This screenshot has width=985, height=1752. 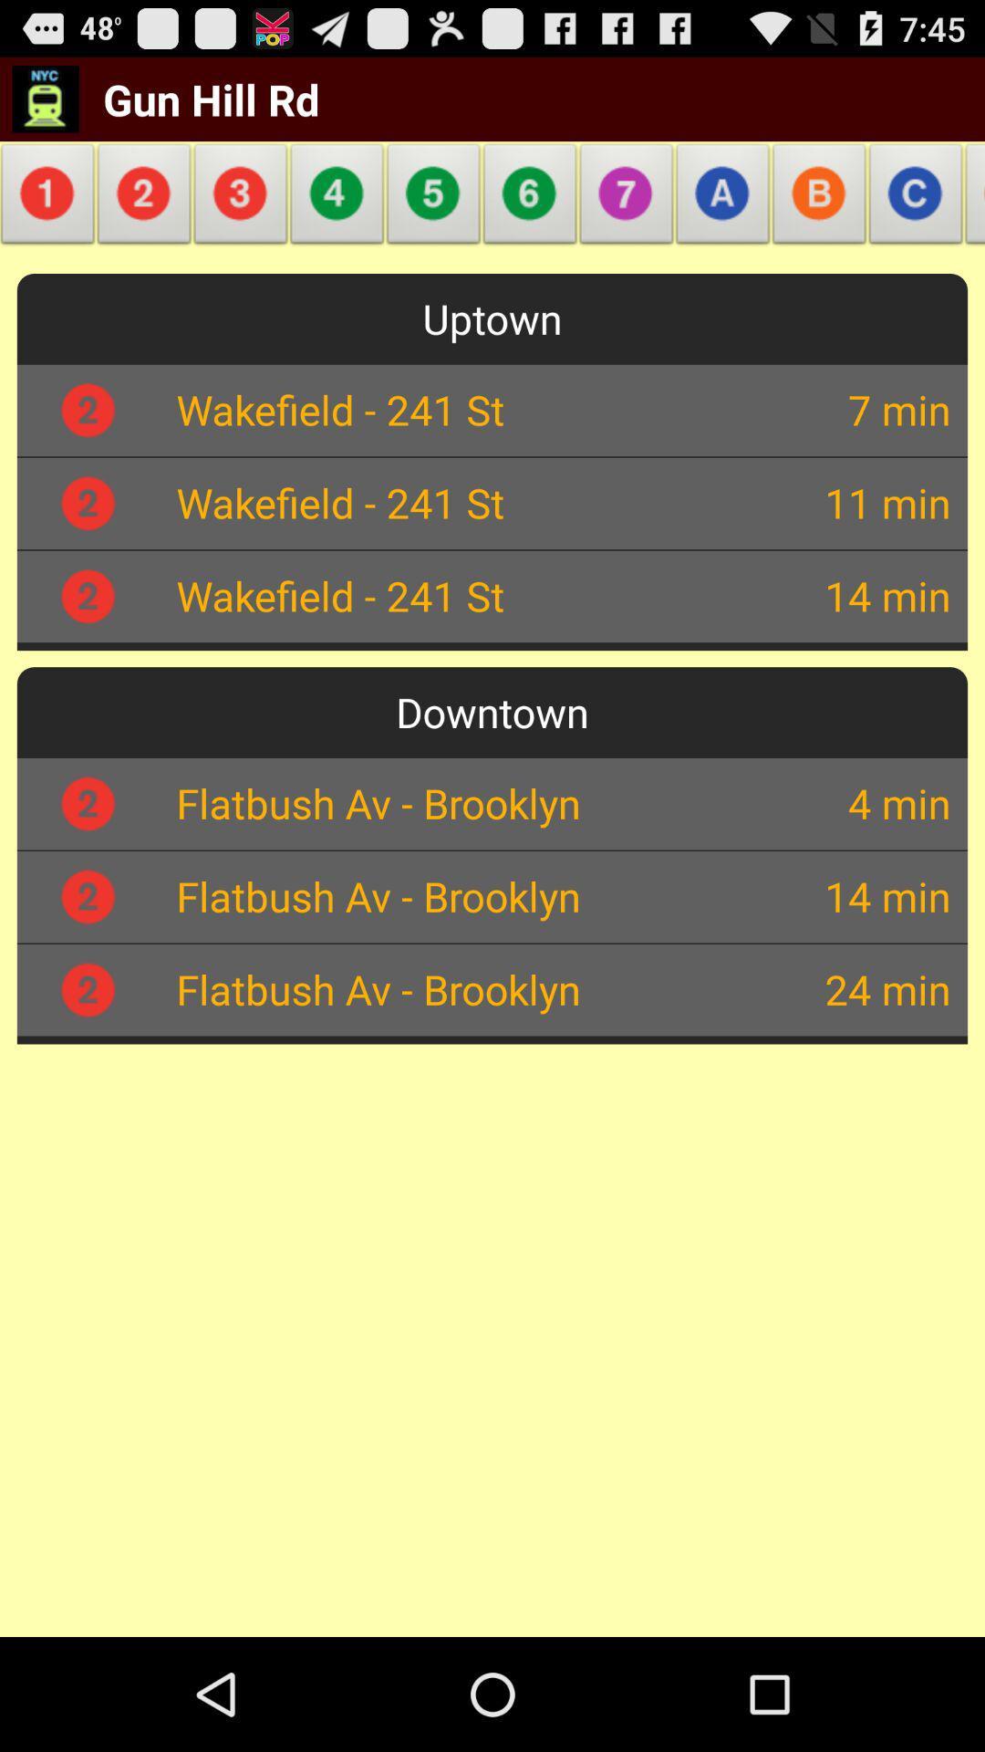 I want to click on downtown app, so click(x=493, y=711).